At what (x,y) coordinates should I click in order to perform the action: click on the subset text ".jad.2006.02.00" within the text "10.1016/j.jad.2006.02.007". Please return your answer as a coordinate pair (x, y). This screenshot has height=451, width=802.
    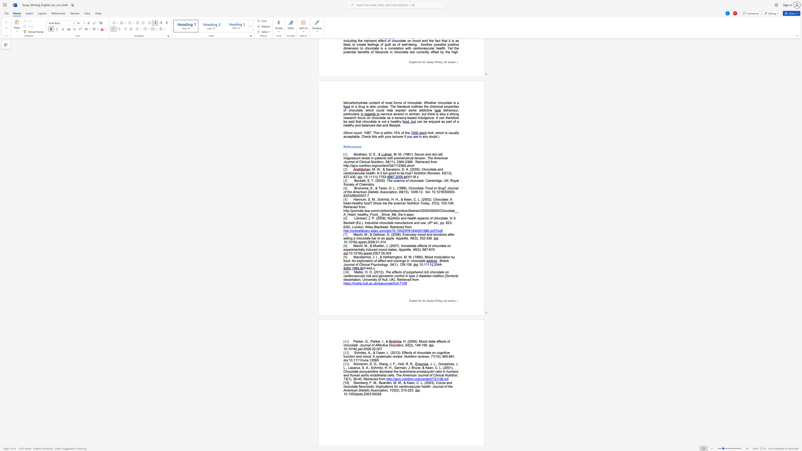
    Looking at the image, I should click on (357, 349).